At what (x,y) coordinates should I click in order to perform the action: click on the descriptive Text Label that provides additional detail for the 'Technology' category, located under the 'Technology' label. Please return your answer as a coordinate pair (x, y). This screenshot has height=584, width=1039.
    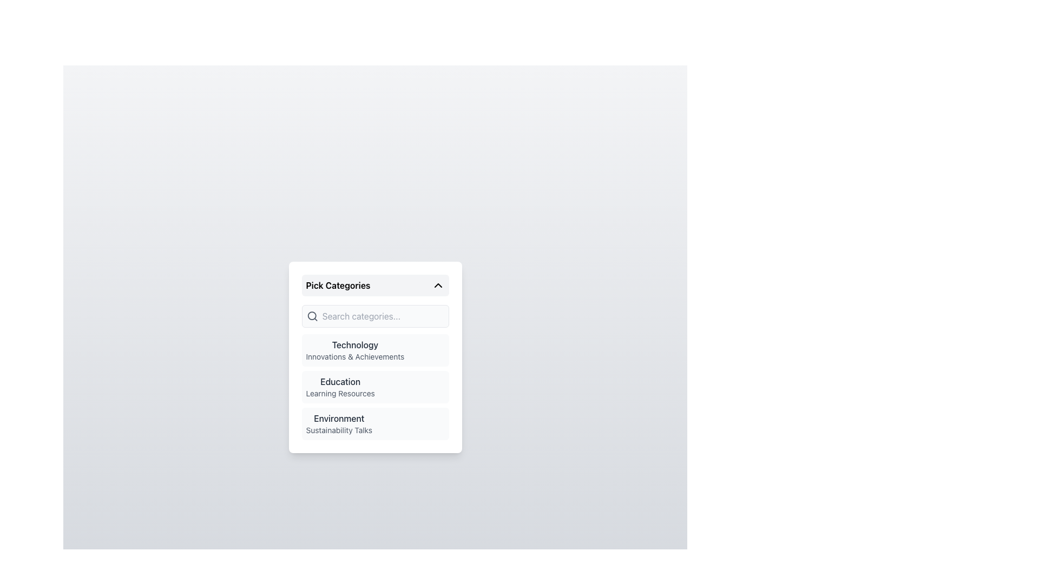
    Looking at the image, I should click on (355, 356).